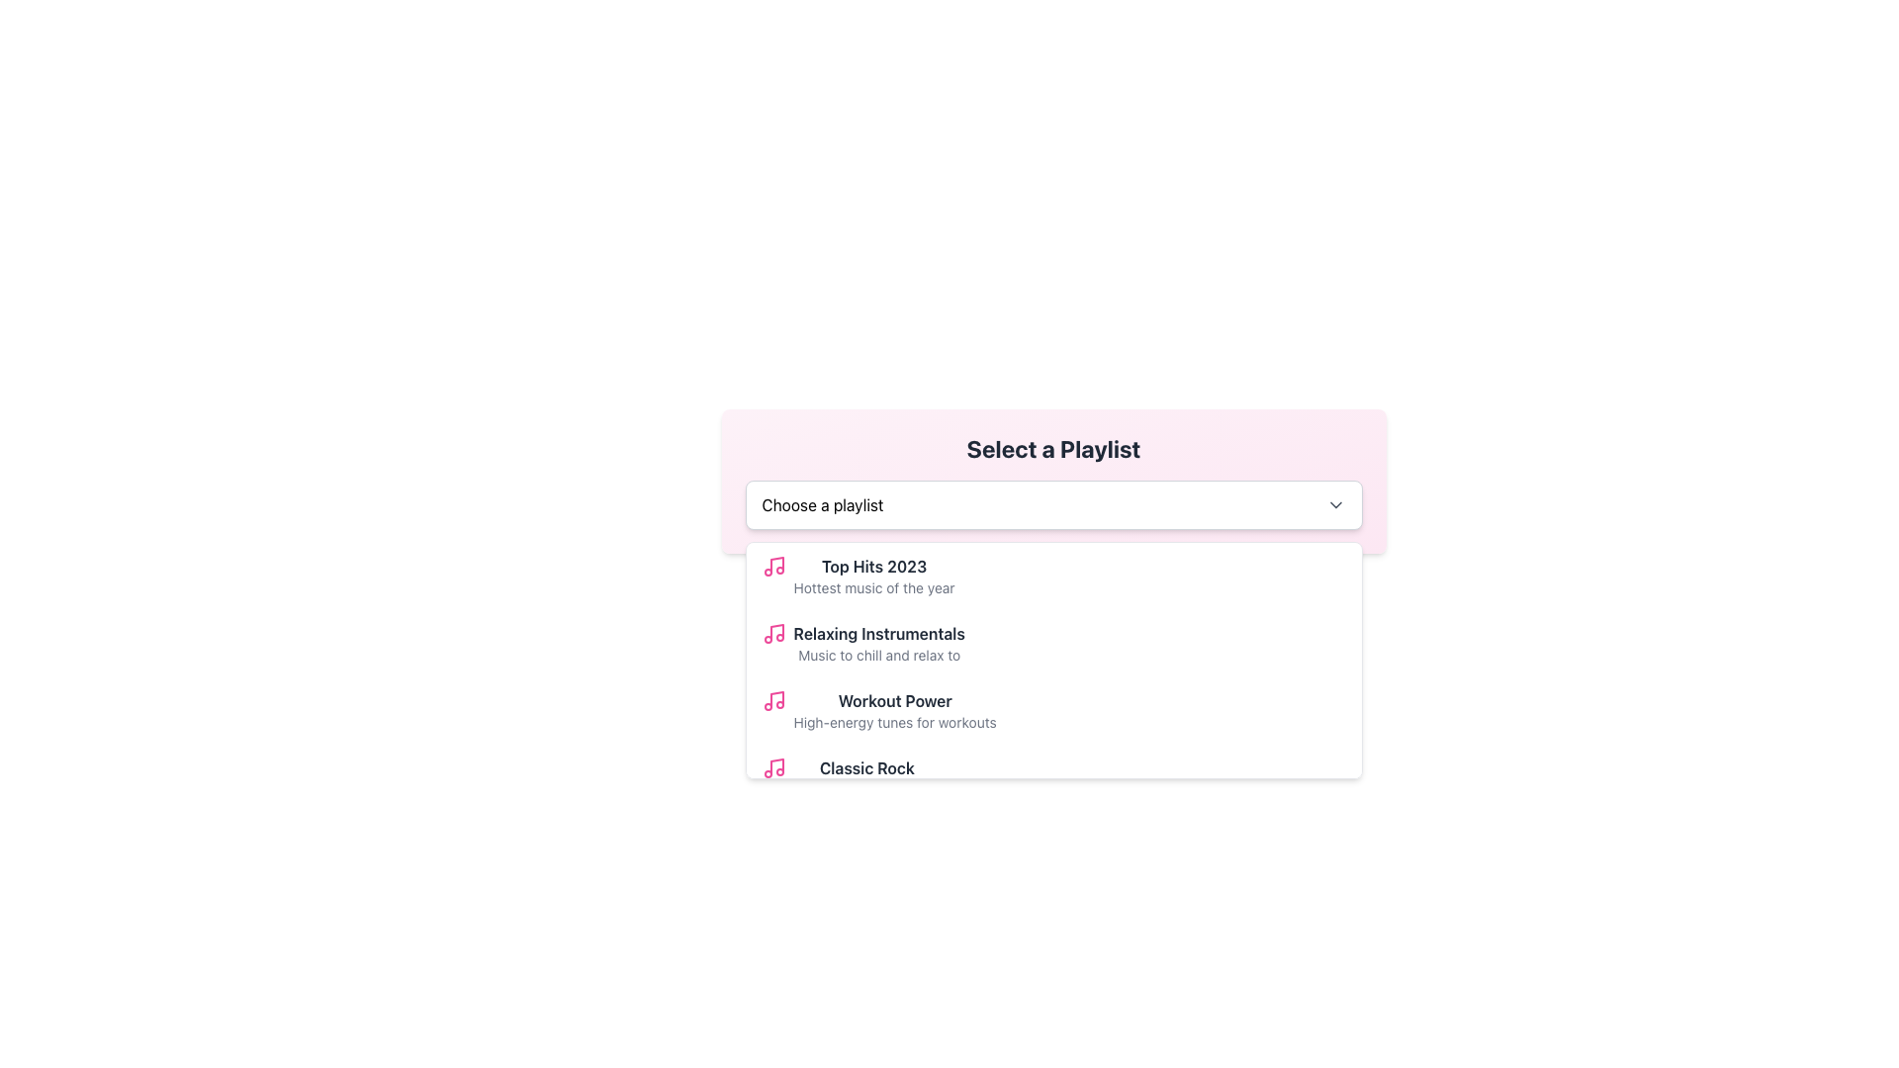 The width and height of the screenshot is (1899, 1068). I want to click on the pink music-themed icon representing a musical note, located next to the 'Top Hits 2023' text in the dropdown list, so click(775, 565).